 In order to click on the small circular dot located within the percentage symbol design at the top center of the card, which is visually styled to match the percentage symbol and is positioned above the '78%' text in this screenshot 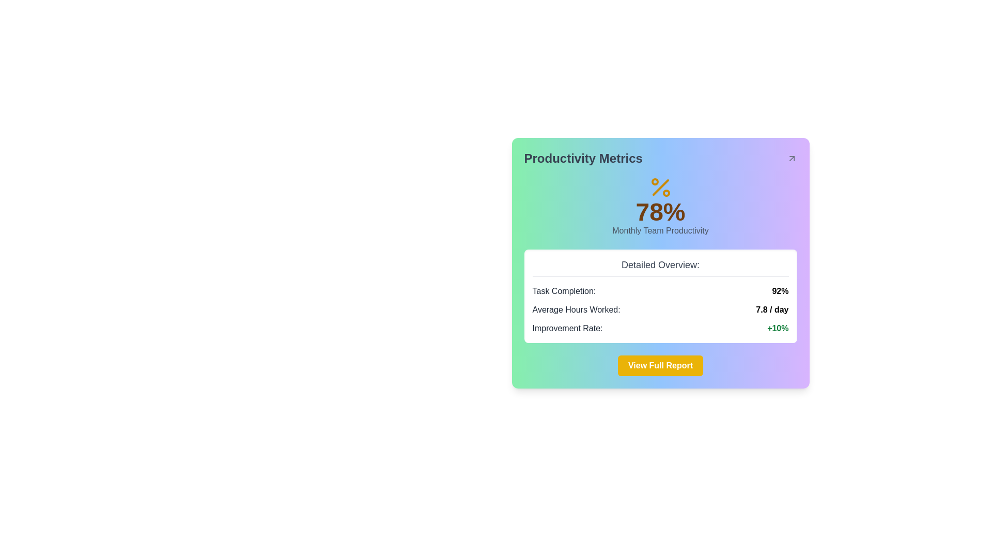, I will do `click(654, 181)`.